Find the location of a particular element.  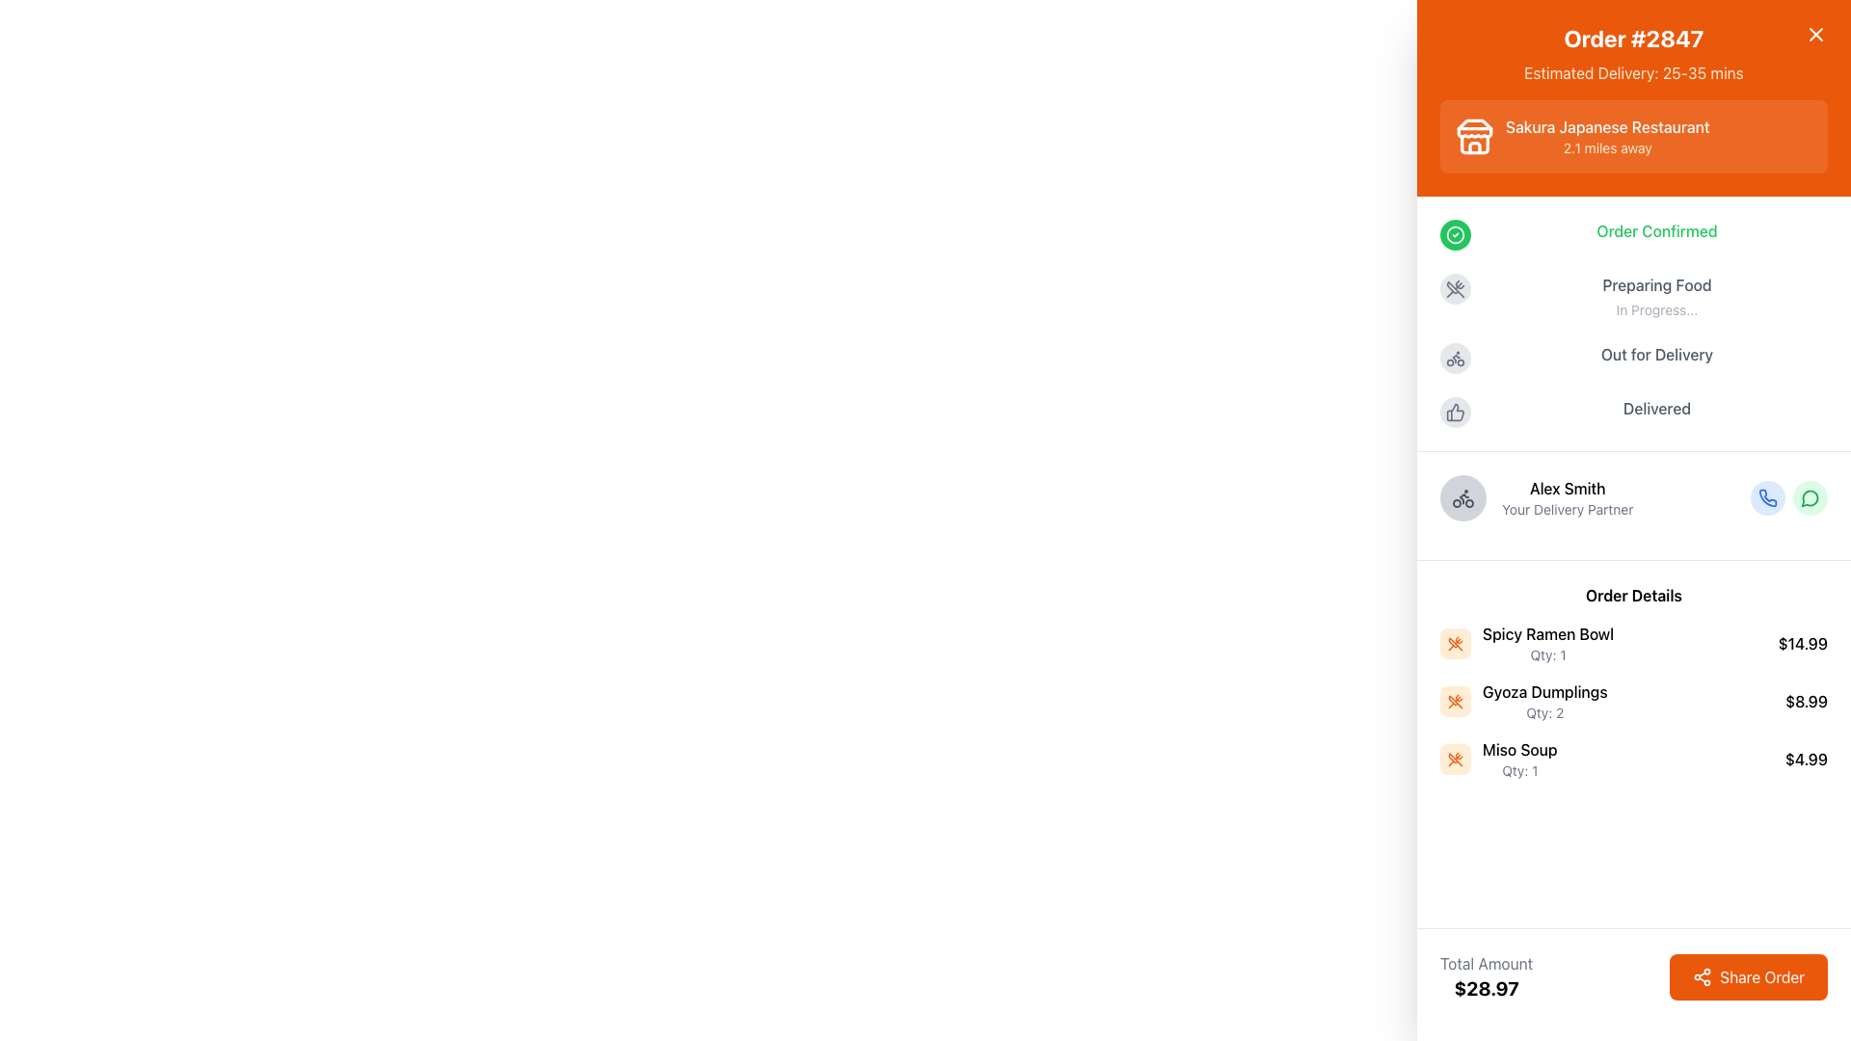

the static text label displaying the price '$4.99' located to the far-right of the 'Miso Soup' order details row is located at coordinates (1805, 758).